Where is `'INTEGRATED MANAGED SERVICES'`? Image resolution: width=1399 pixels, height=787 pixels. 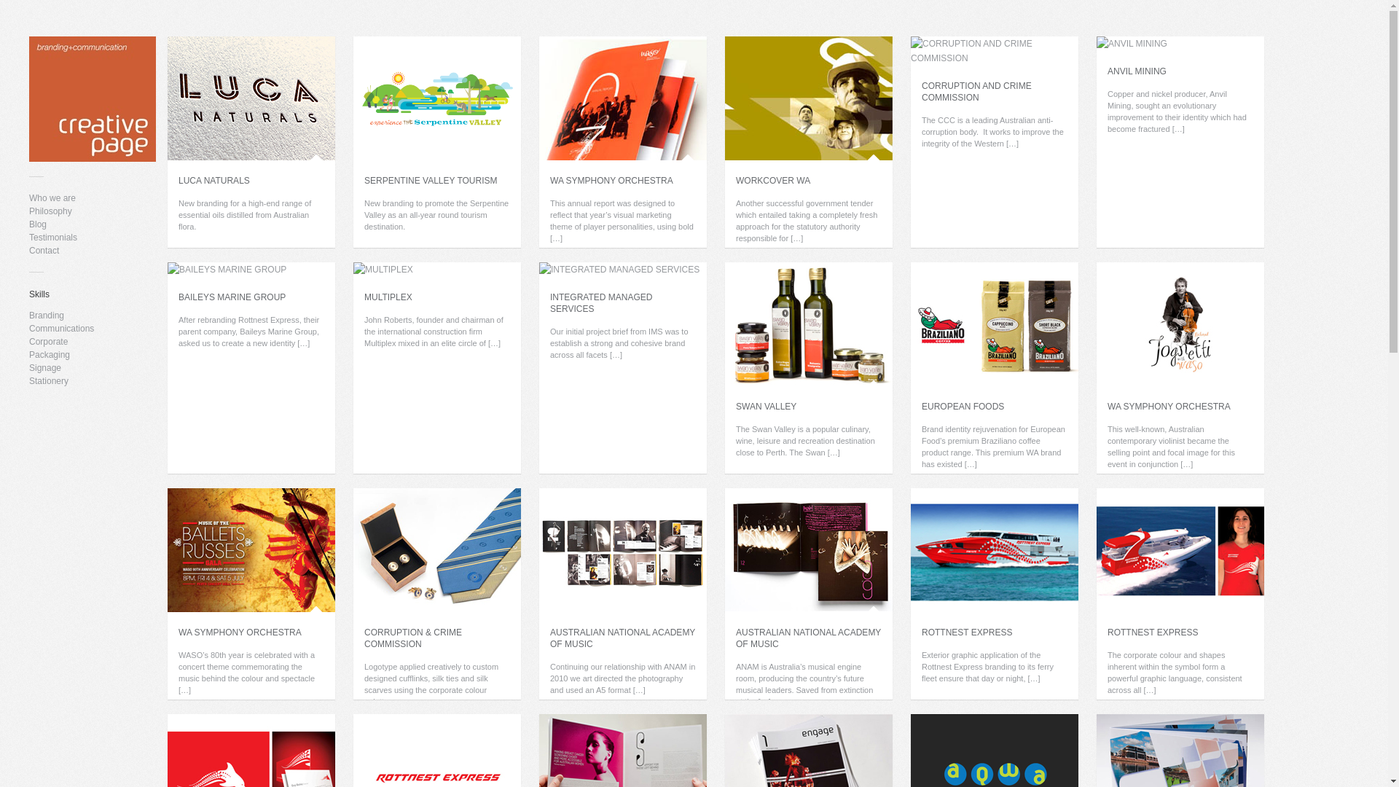 'INTEGRATED MANAGED SERVICES' is located at coordinates (549, 302).